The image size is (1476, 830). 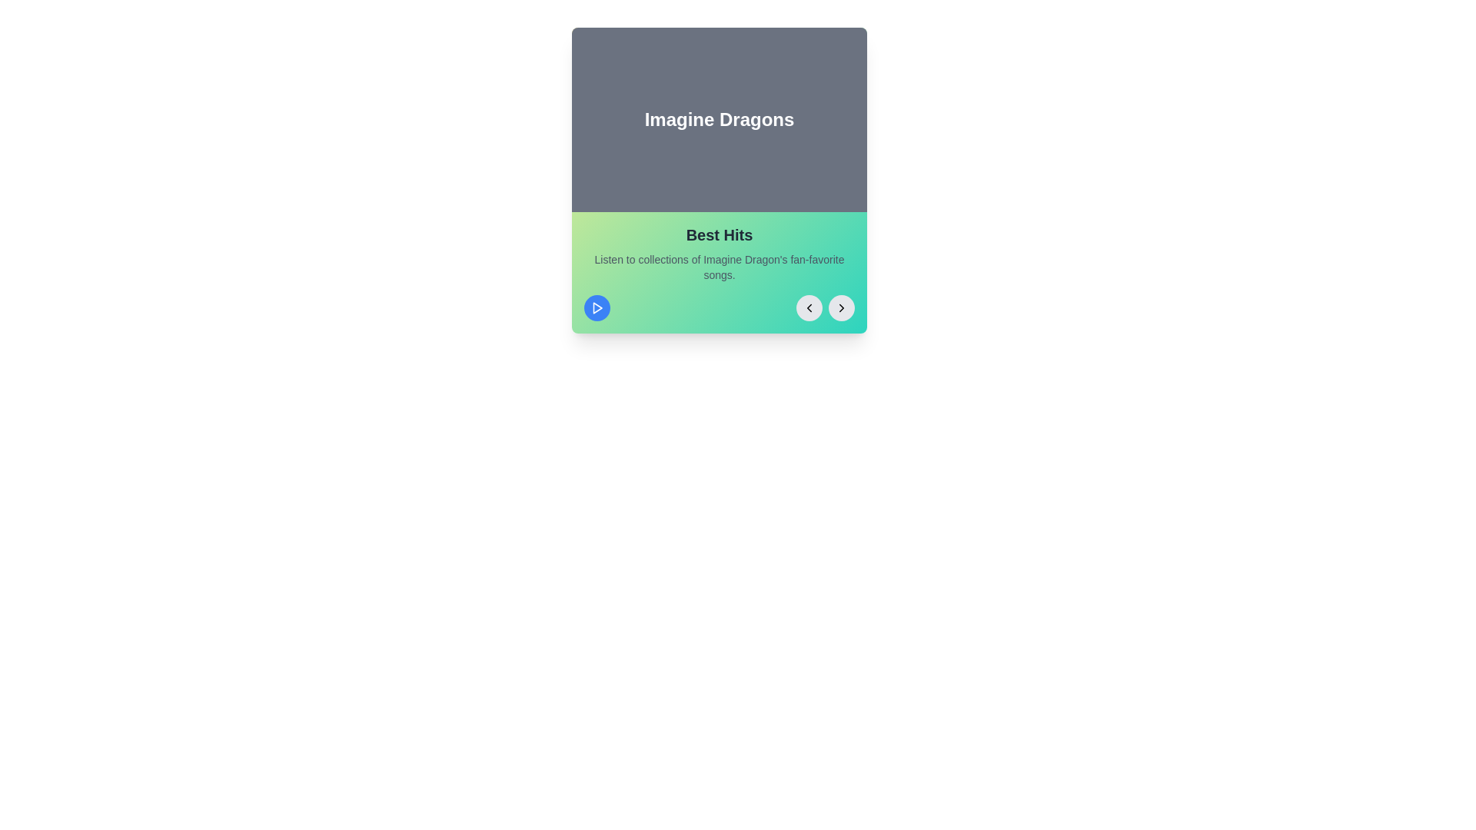 I want to click on the right circular navigation button with a gray background and a rightward black arrow icon, so click(x=825, y=308).